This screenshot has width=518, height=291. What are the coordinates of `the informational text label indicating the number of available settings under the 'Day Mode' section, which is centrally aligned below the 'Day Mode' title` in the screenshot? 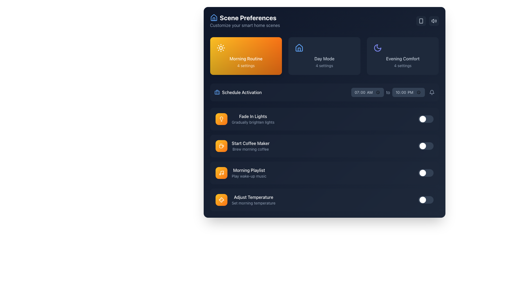 It's located at (324, 65).